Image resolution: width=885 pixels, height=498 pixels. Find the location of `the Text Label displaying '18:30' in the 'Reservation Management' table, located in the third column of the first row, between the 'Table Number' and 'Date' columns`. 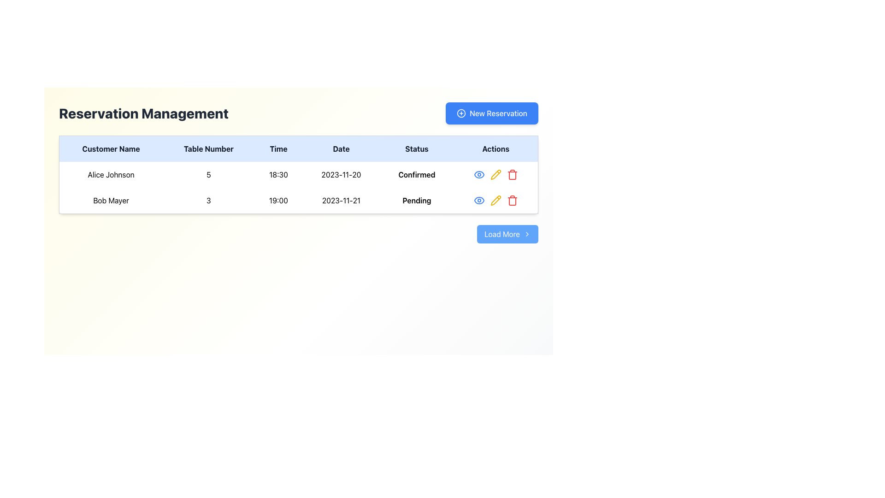

the Text Label displaying '18:30' in the 'Reservation Management' table, located in the third column of the first row, between the 'Table Number' and 'Date' columns is located at coordinates (278, 174).